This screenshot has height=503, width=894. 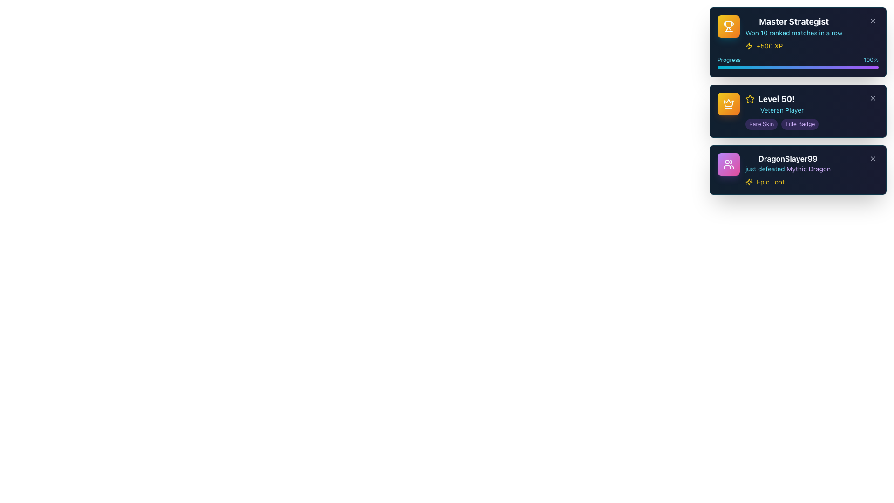 What do you see at coordinates (728, 24) in the screenshot?
I see `the trophy icon representing the notification for achievements, located in the upper-left corner of the first notification block next to the title 'Master Strategist'` at bounding box center [728, 24].